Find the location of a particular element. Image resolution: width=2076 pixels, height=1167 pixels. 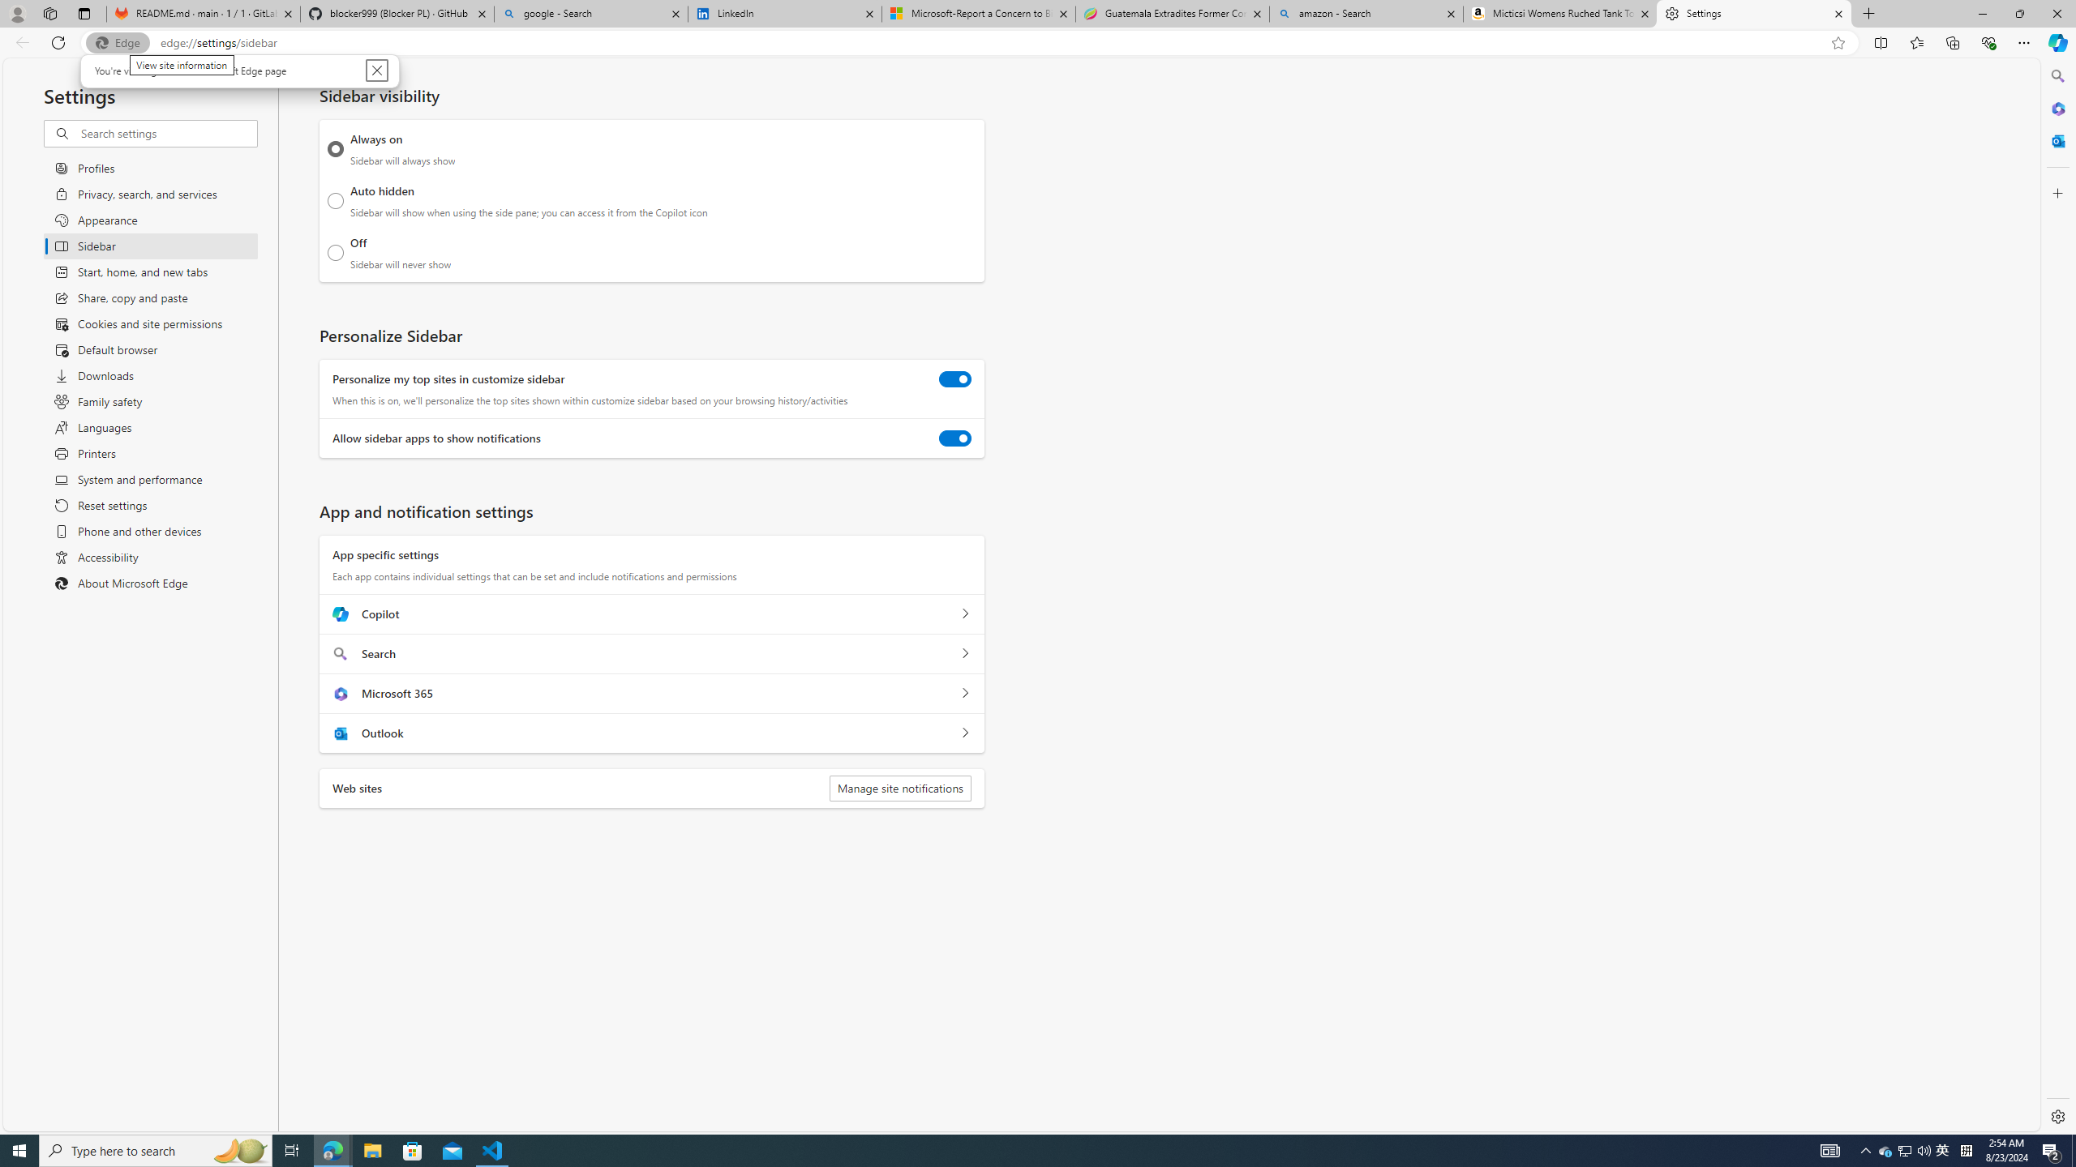

'LinkedIn' is located at coordinates (783, 13).